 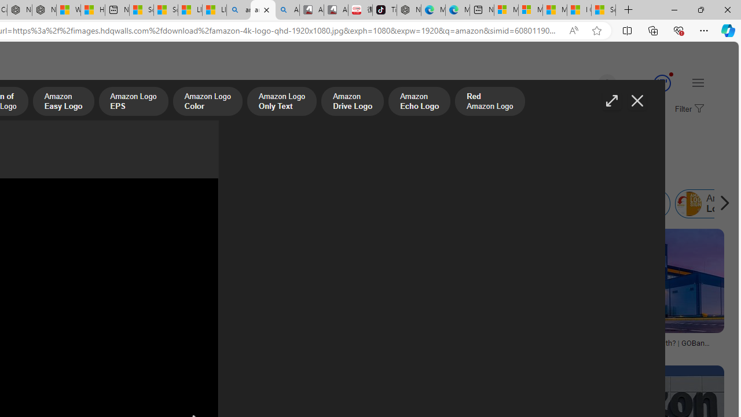 I want to click on 'Wildlife - MSN', so click(x=68, y=10).